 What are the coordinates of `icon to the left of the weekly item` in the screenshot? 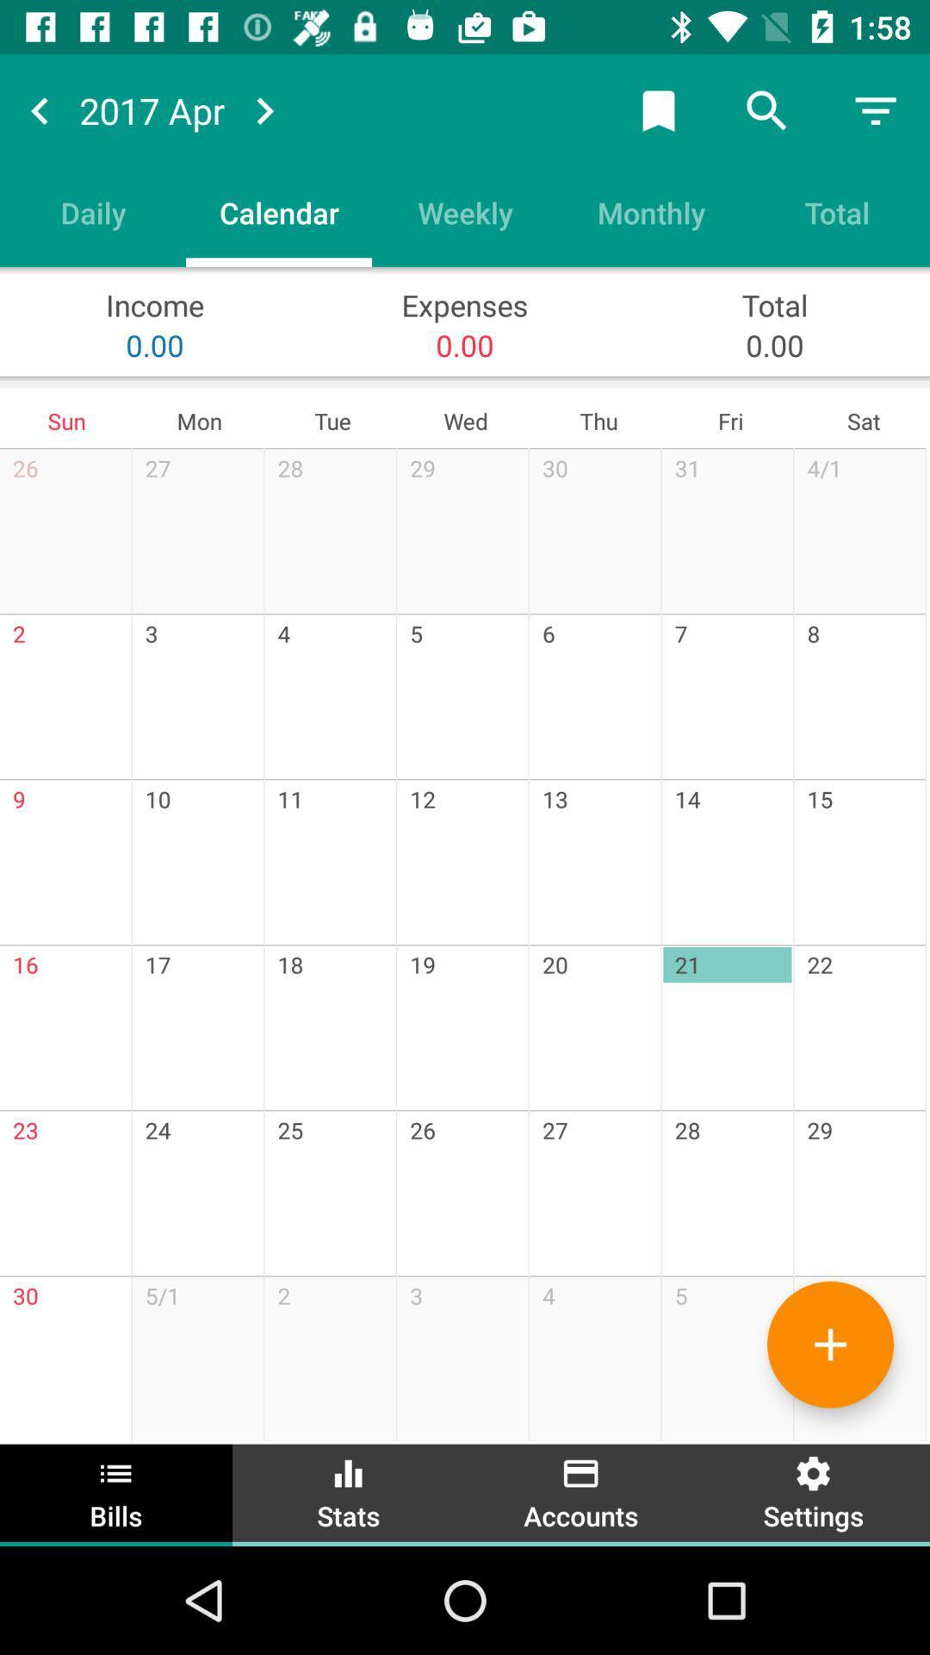 It's located at (278, 211).